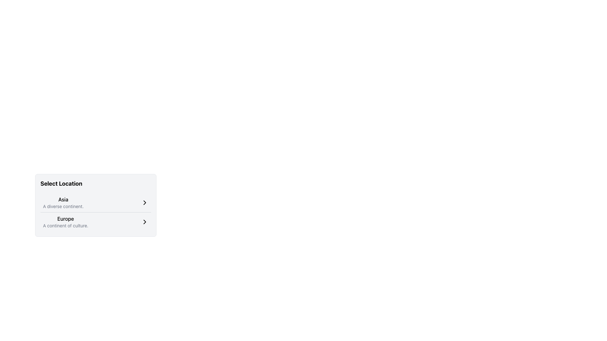 Image resolution: width=607 pixels, height=341 pixels. What do you see at coordinates (63, 202) in the screenshot?
I see `the selectable text block representing the continent Asia, located at the top of the list under 'Select Location.'` at bounding box center [63, 202].